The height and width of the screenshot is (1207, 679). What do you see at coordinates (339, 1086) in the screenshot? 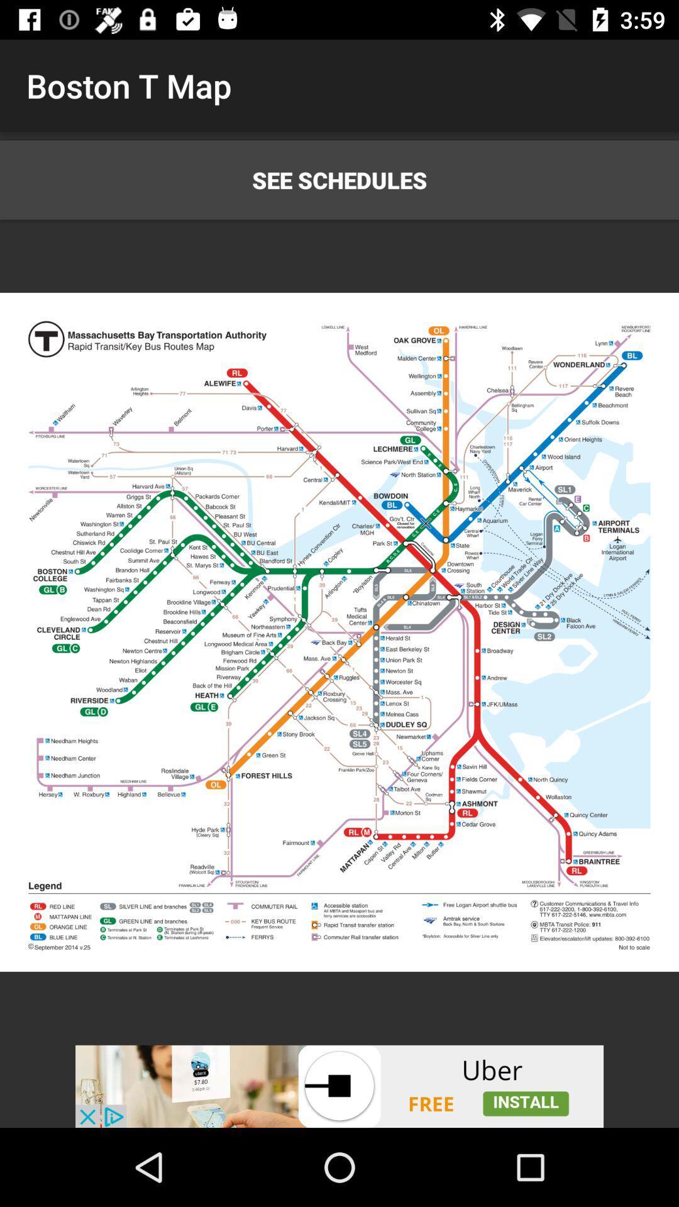
I see `advertisement` at bounding box center [339, 1086].